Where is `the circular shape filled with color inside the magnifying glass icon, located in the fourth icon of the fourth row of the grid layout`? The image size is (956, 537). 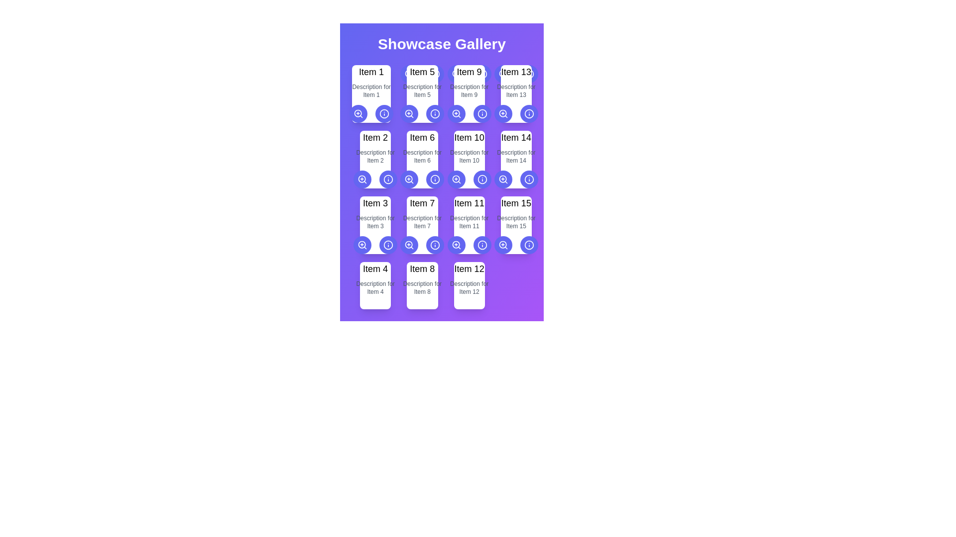
the circular shape filled with color inside the magnifying glass icon, located in the fourth icon of the fourth row of the grid layout is located at coordinates (503, 245).